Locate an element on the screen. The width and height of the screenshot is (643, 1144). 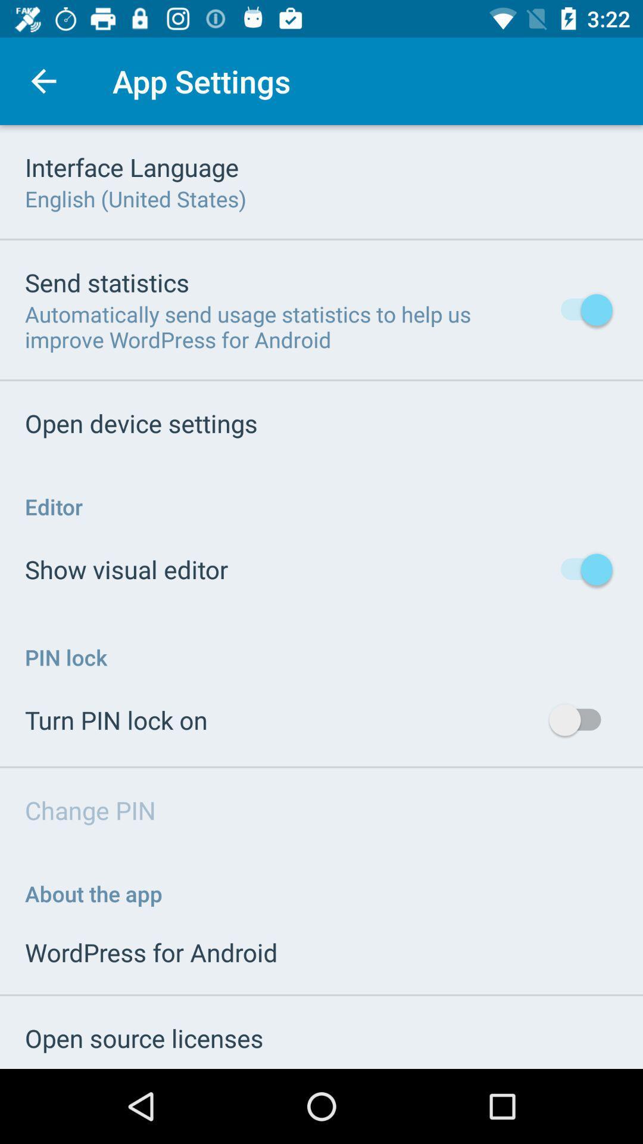
the open source licenses icon is located at coordinates (143, 1037).